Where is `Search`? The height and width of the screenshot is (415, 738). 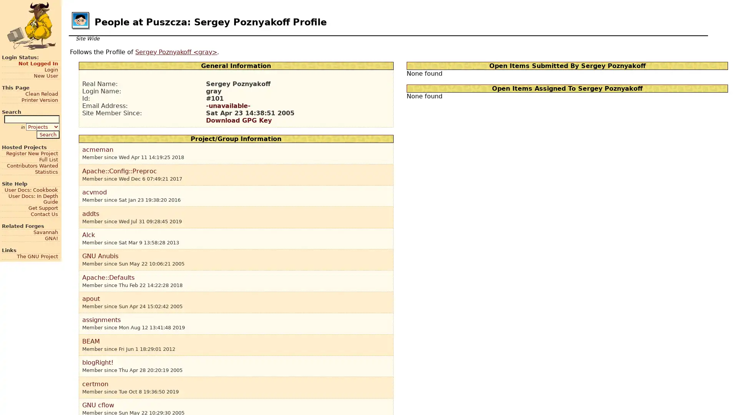 Search is located at coordinates (47, 134).